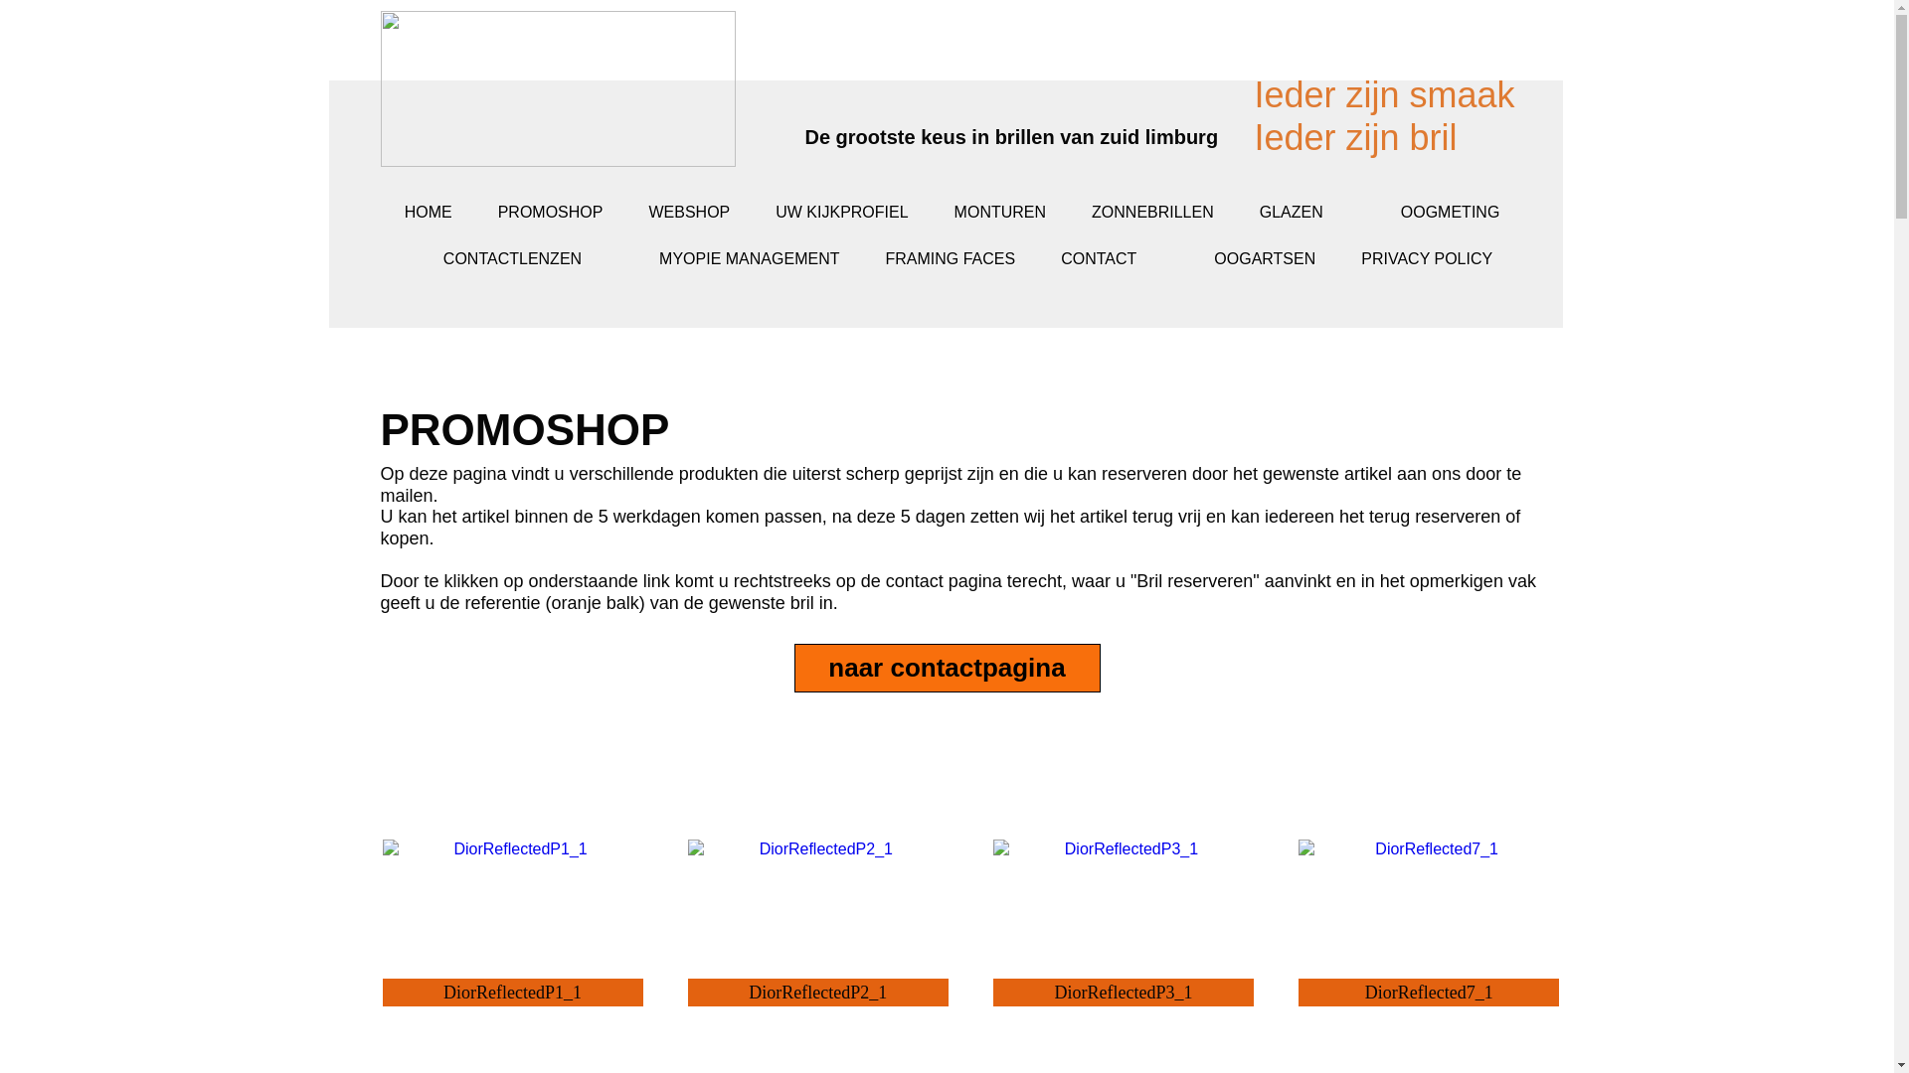  Describe the element at coordinates (930, 212) in the screenshot. I see `'MONTUREN'` at that location.